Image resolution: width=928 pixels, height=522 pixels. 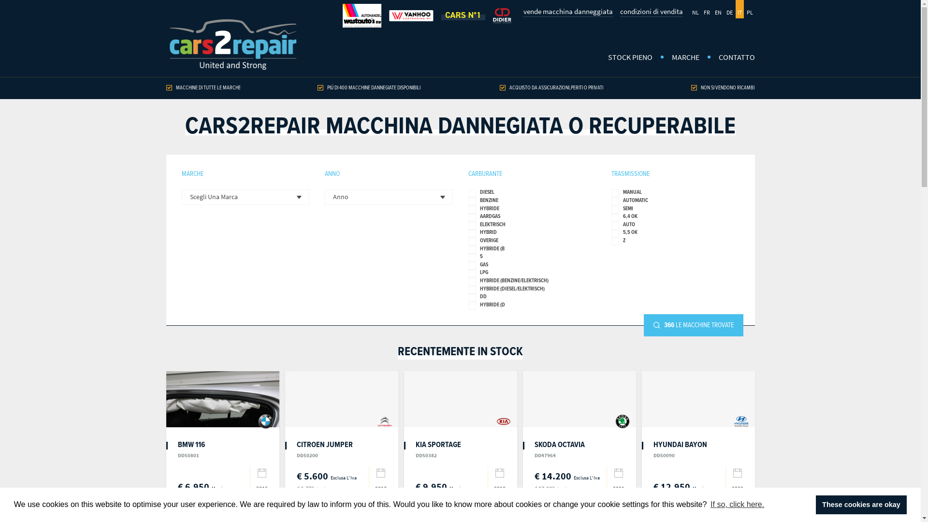 What do you see at coordinates (717, 9) in the screenshot?
I see `'EN'` at bounding box center [717, 9].